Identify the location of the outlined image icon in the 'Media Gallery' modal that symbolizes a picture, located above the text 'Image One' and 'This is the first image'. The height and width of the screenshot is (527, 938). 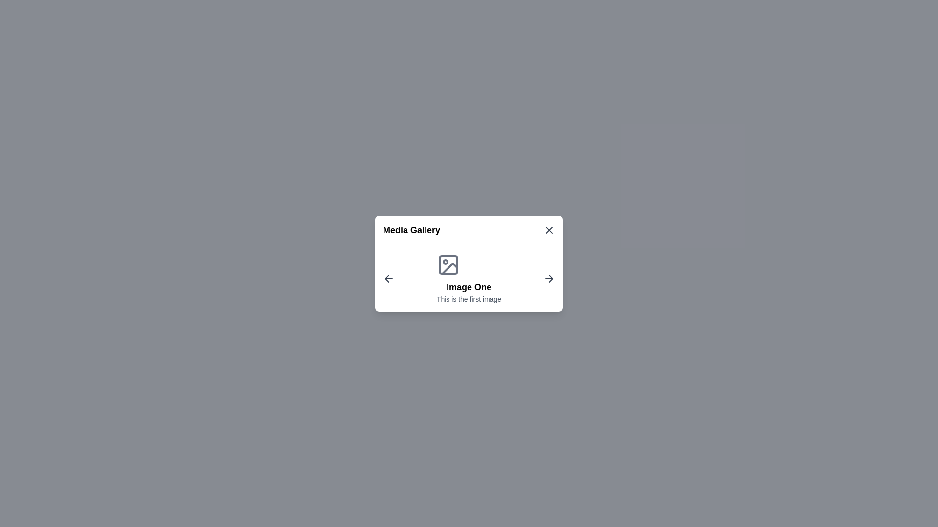
(448, 264).